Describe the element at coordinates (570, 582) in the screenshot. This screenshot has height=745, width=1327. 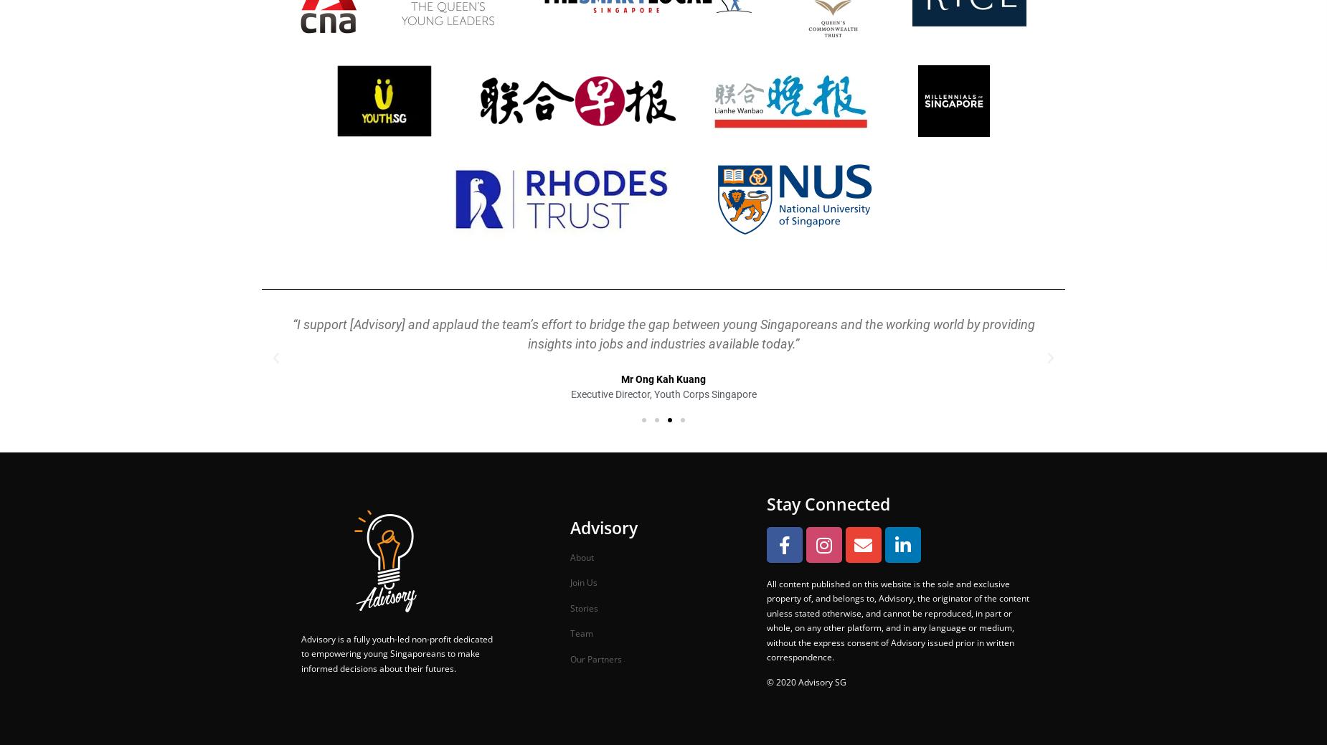
I see `'Join Us'` at that location.